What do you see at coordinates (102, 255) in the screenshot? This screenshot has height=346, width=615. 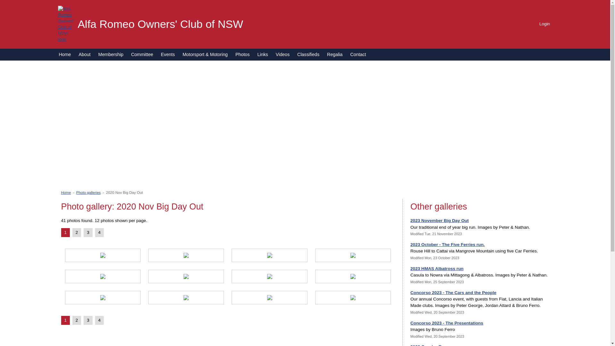 I see `'Photo 1'` at bounding box center [102, 255].